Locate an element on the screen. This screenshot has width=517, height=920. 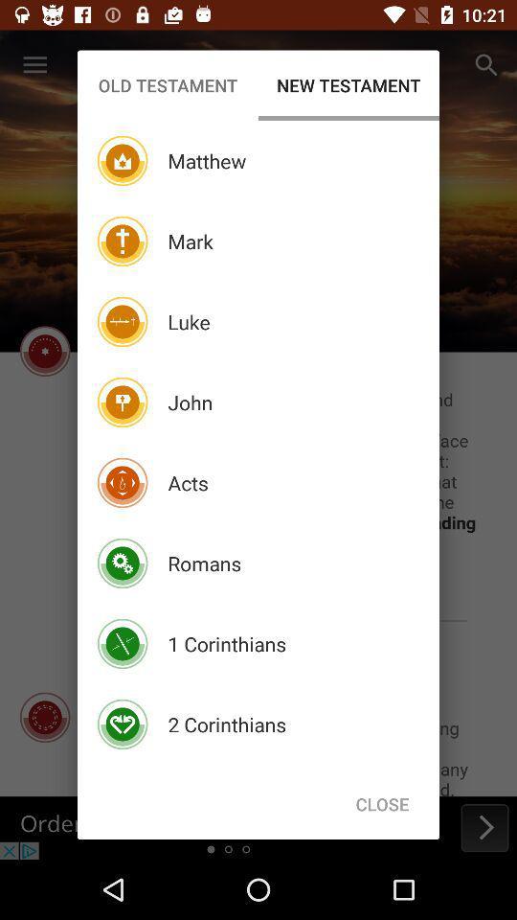
icon above the 1 corinthians item is located at coordinates (203, 563).